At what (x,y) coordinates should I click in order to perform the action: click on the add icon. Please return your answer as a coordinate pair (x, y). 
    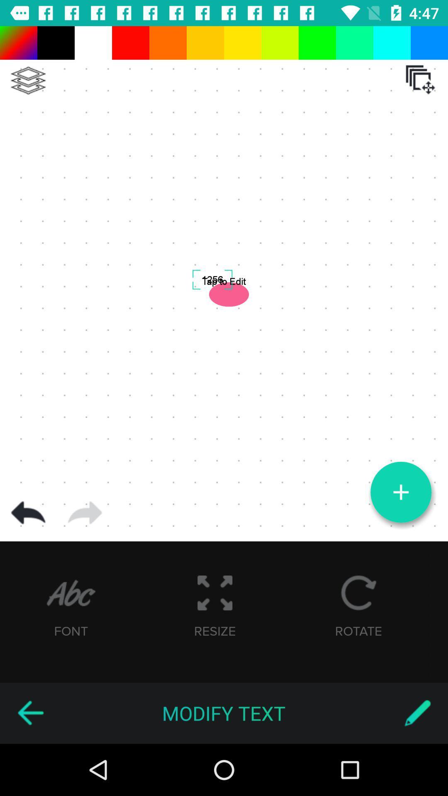
    Looking at the image, I should click on (400, 492).